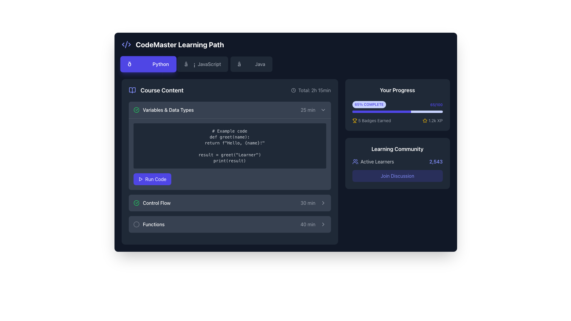 The height and width of the screenshot is (321, 571). Describe the element at coordinates (371, 120) in the screenshot. I see `the '5 Badges Earned' text with trophy icon in the 'Your Progress' section, which is styled in light gray and accompanied by a yellow trophy icon` at that location.